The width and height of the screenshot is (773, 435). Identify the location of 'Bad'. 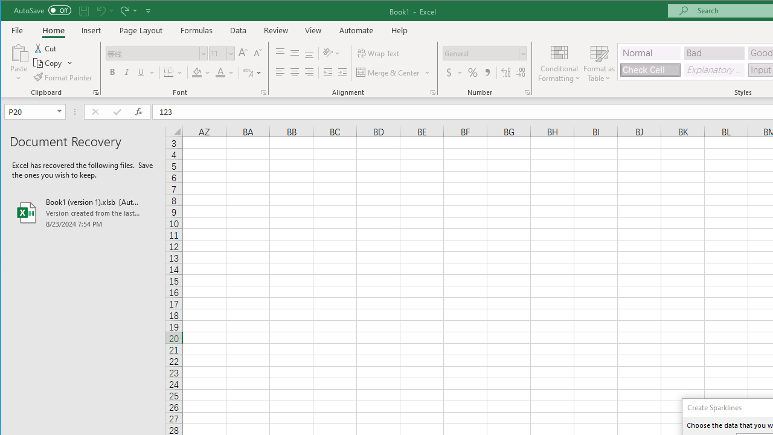
(714, 53).